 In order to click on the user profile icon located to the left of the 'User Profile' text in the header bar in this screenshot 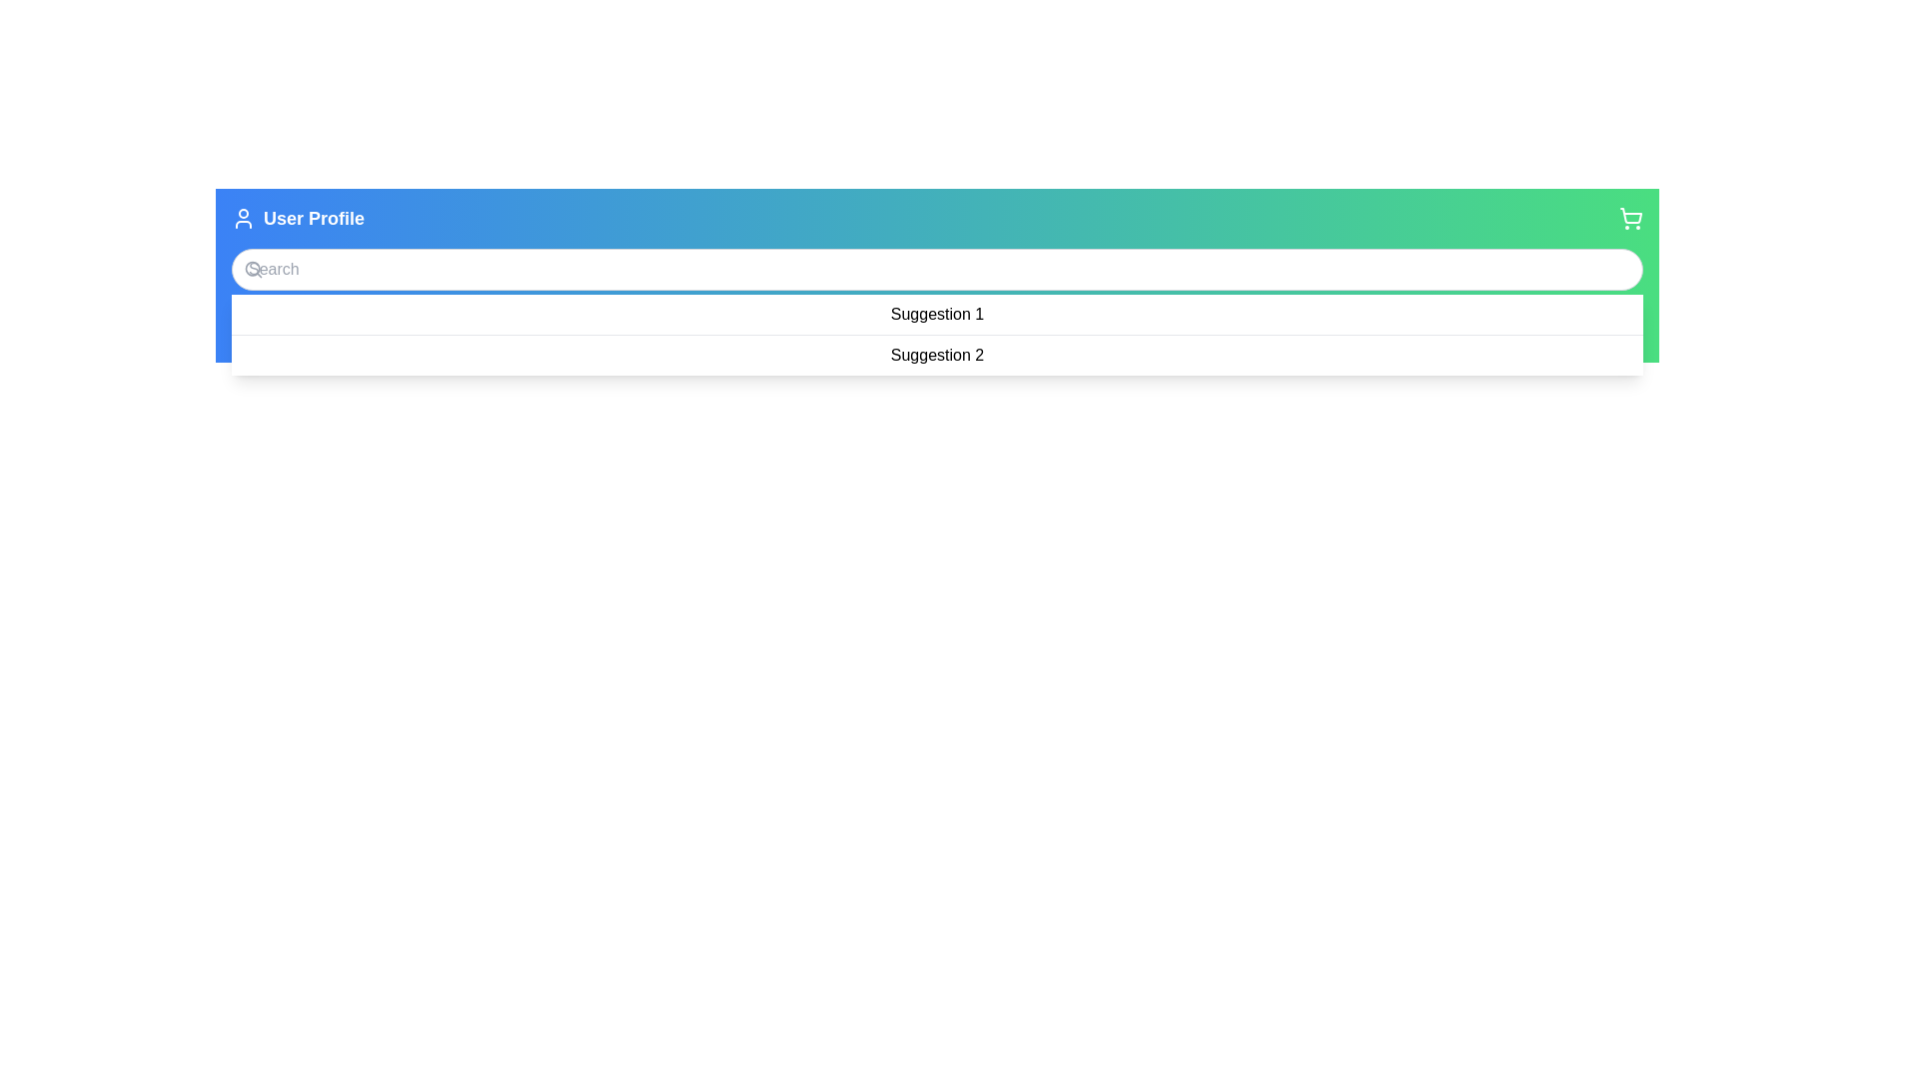, I will do `click(243, 219)`.